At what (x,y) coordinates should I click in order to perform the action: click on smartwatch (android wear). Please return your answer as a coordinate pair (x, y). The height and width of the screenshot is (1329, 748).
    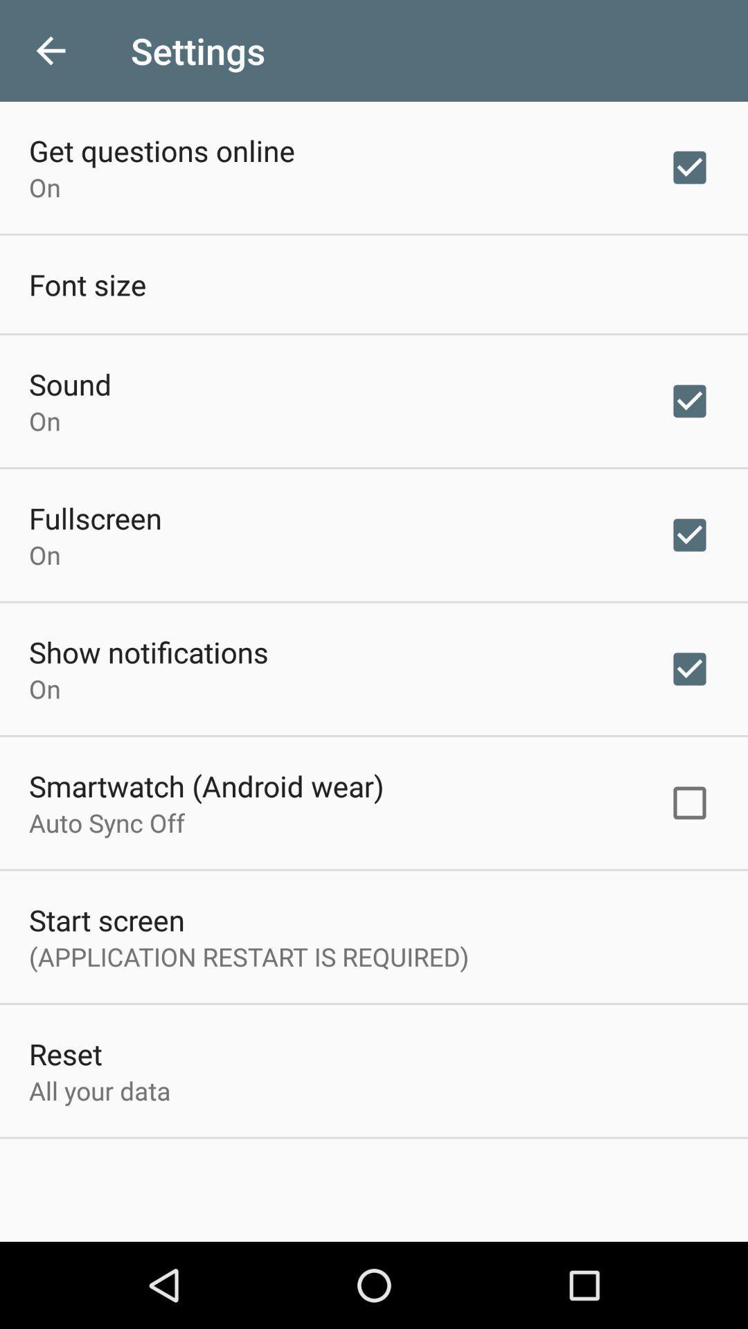
    Looking at the image, I should click on (206, 786).